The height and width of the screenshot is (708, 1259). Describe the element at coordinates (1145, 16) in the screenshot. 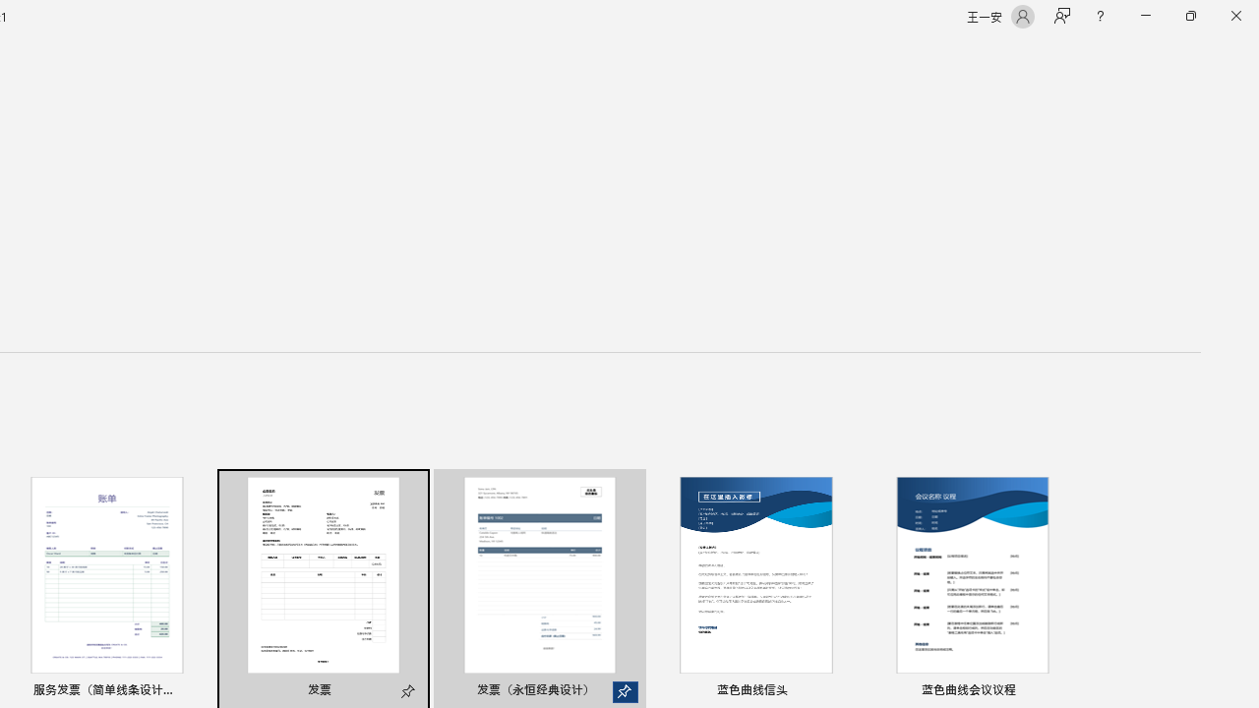

I see `'Minimize'` at that location.